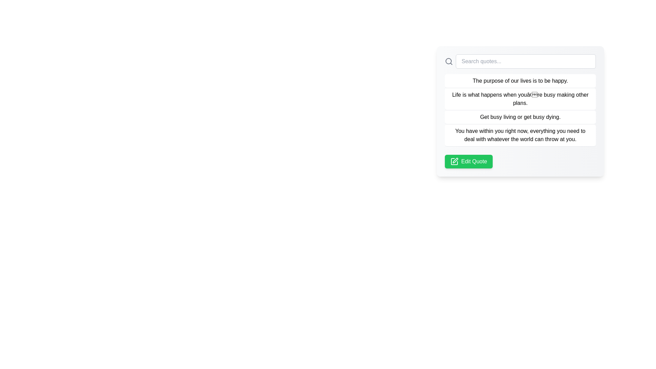  What do you see at coordinates (449, 60) in the screenshot?
I see `the circular SVG element that forms the body of the search icon, which is styled with an outlined gray design and is located in the top-left corner of the main content area near a search bar` at bounding box center [449, 60].